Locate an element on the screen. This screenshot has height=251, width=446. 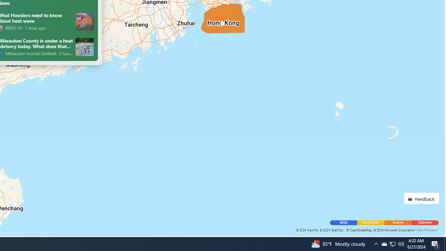
'Class: feedback_link_icon-DS-EntryPoint1-1' is located at coordinates (411, 199).